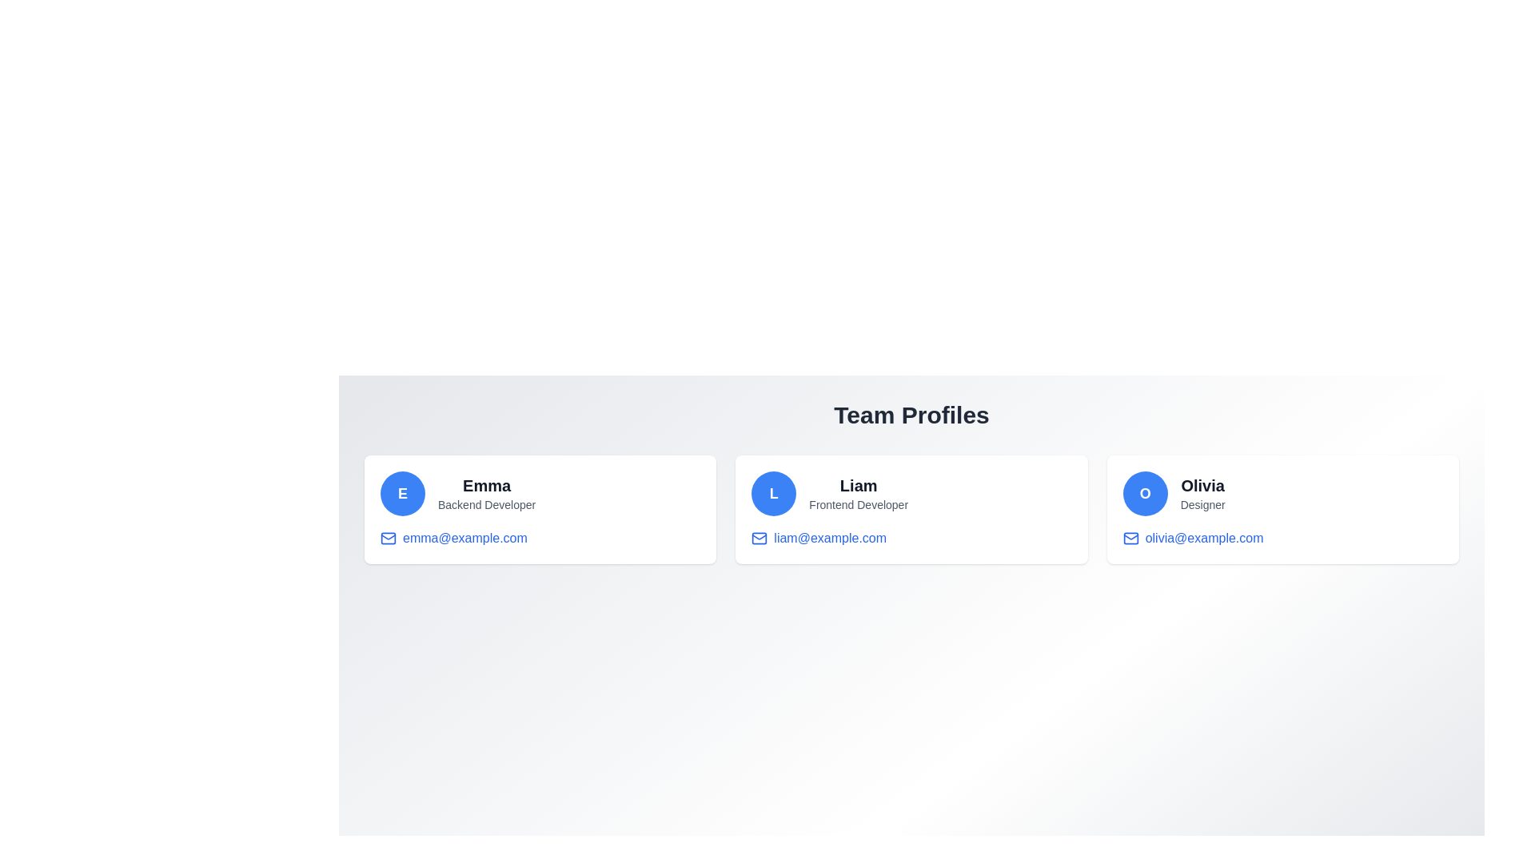 The width and height of the screenshot is (1535, 863). What do you see at coordinates (388, 539) in the screenshot?
I see `the email icon that visually indicates the adjacent text 'emma@example.com' in Emma's team profile card` at bounding box center [388, 539].